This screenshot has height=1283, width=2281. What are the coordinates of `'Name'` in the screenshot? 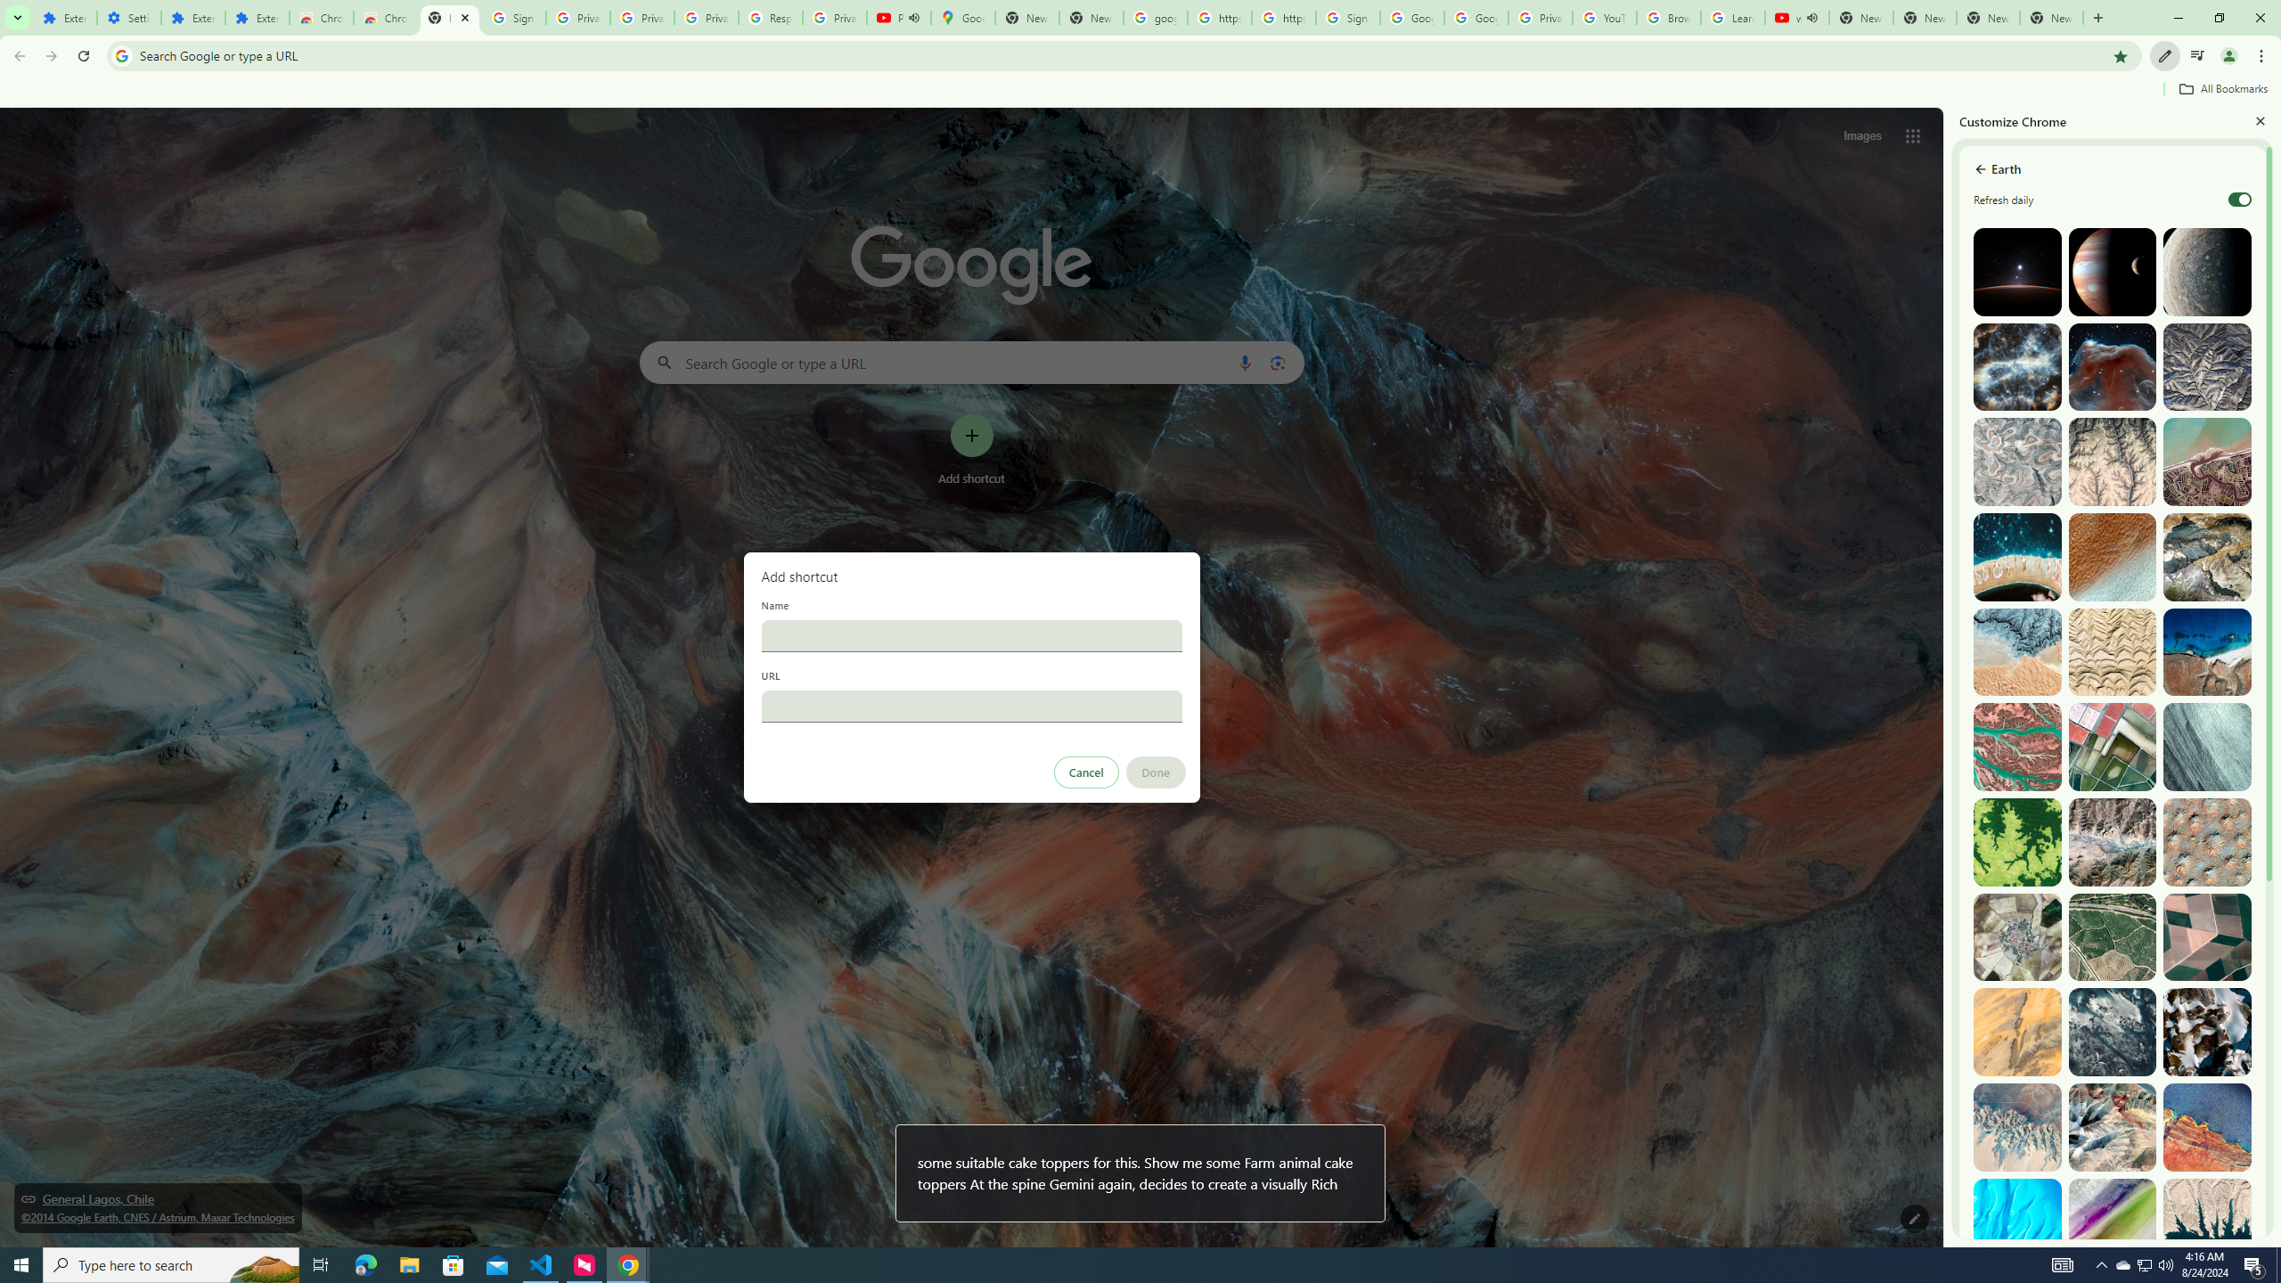 It's located at (970, 634).